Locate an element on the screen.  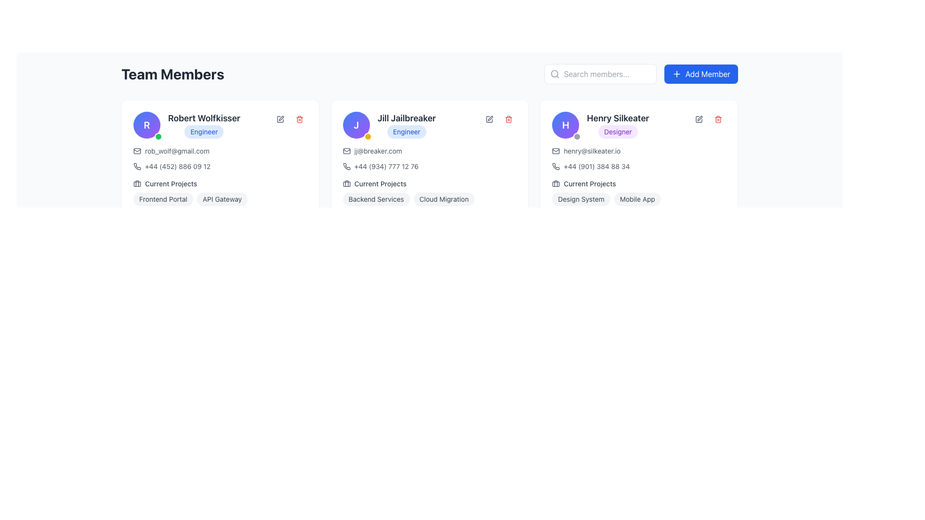
the text label reading 'Jill Jailbreaker', which is styled in bold and located at the top-center of the profile card is located at coordinates (407, 118).